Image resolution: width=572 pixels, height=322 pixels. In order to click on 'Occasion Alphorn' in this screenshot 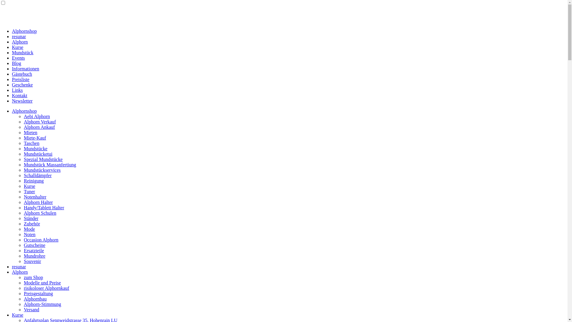, I will do `click(24, 239)`.